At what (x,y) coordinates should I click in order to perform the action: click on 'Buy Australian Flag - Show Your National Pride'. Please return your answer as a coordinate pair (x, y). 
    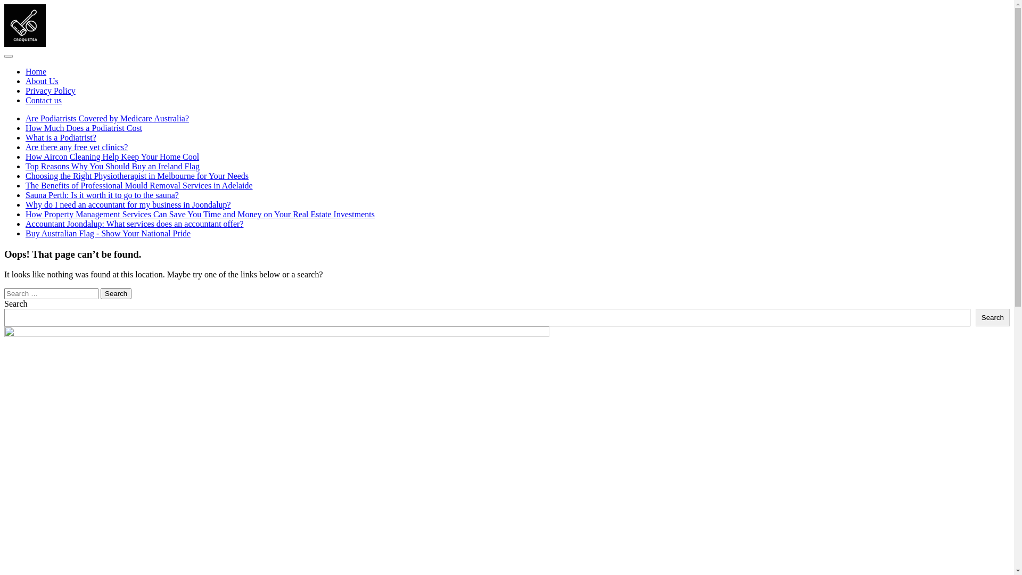
    Looking at the image, I should click on (26, 233).